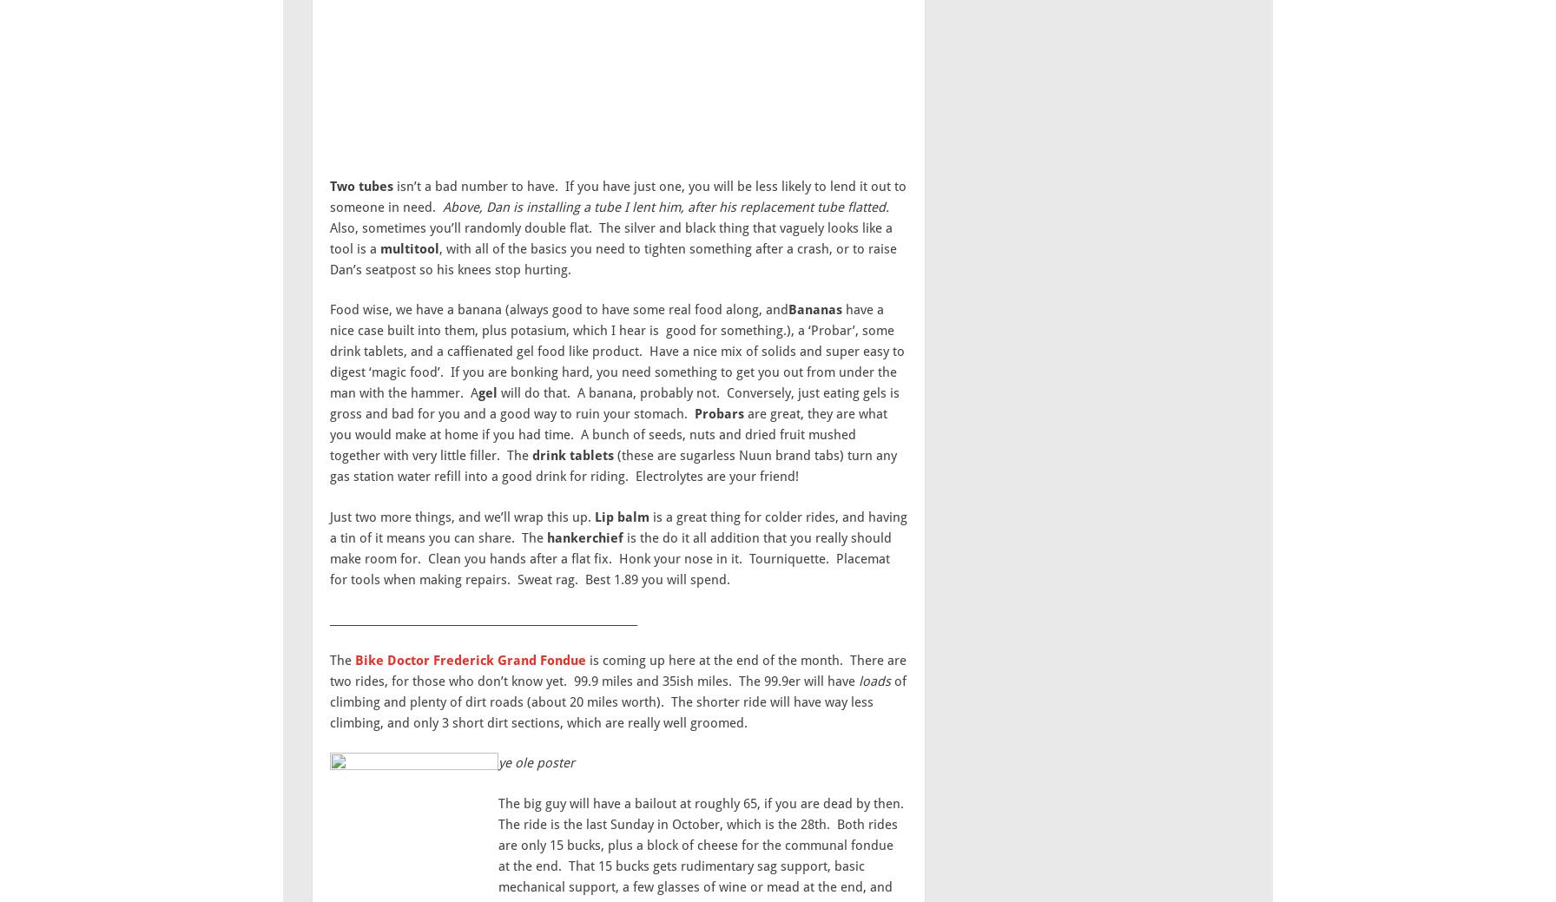  What do you see at coordinates (330, 227) in the screenshot?
I see `'Also, sometimes you’ll randomly double flat.  The silver and black thing that vaguely looks like a tool is a'` at bounding box center [330, 227].